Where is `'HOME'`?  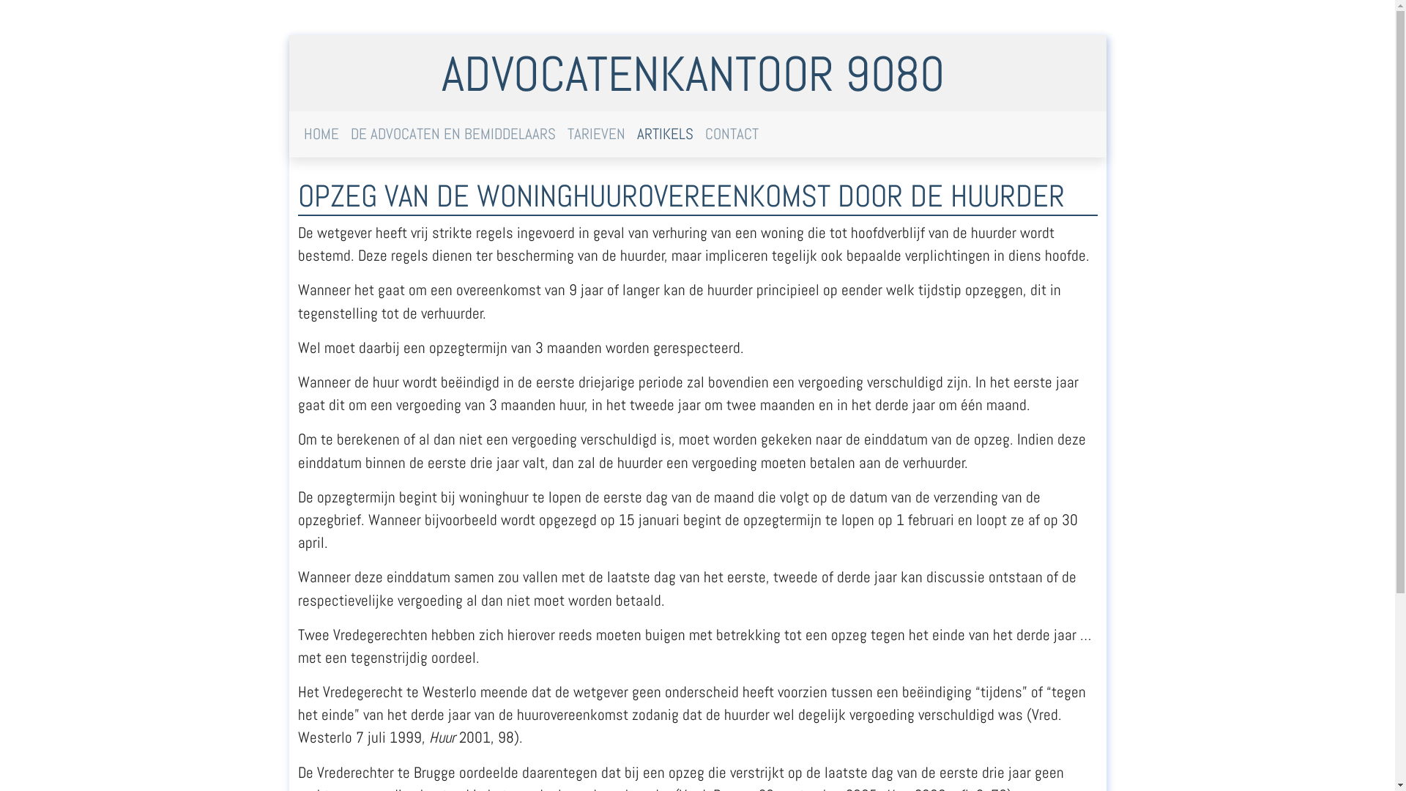
'HOME' is located at coordinates (319, 134).